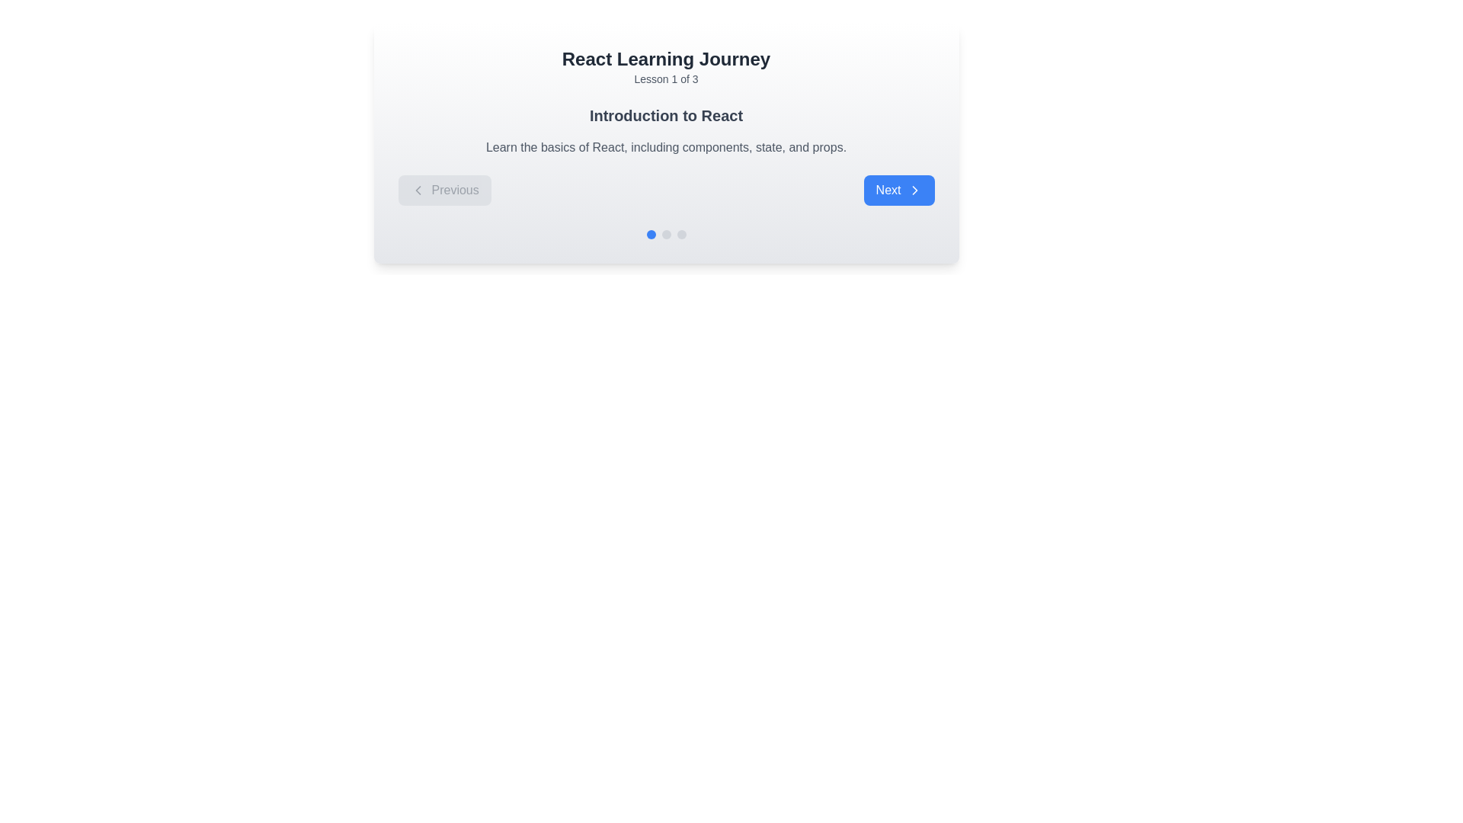  I want to click on the primary title or header text element that provides an overview of the content below, located at the top-middle of the area above 'Lesson 1 of 3', so click(666, 58).